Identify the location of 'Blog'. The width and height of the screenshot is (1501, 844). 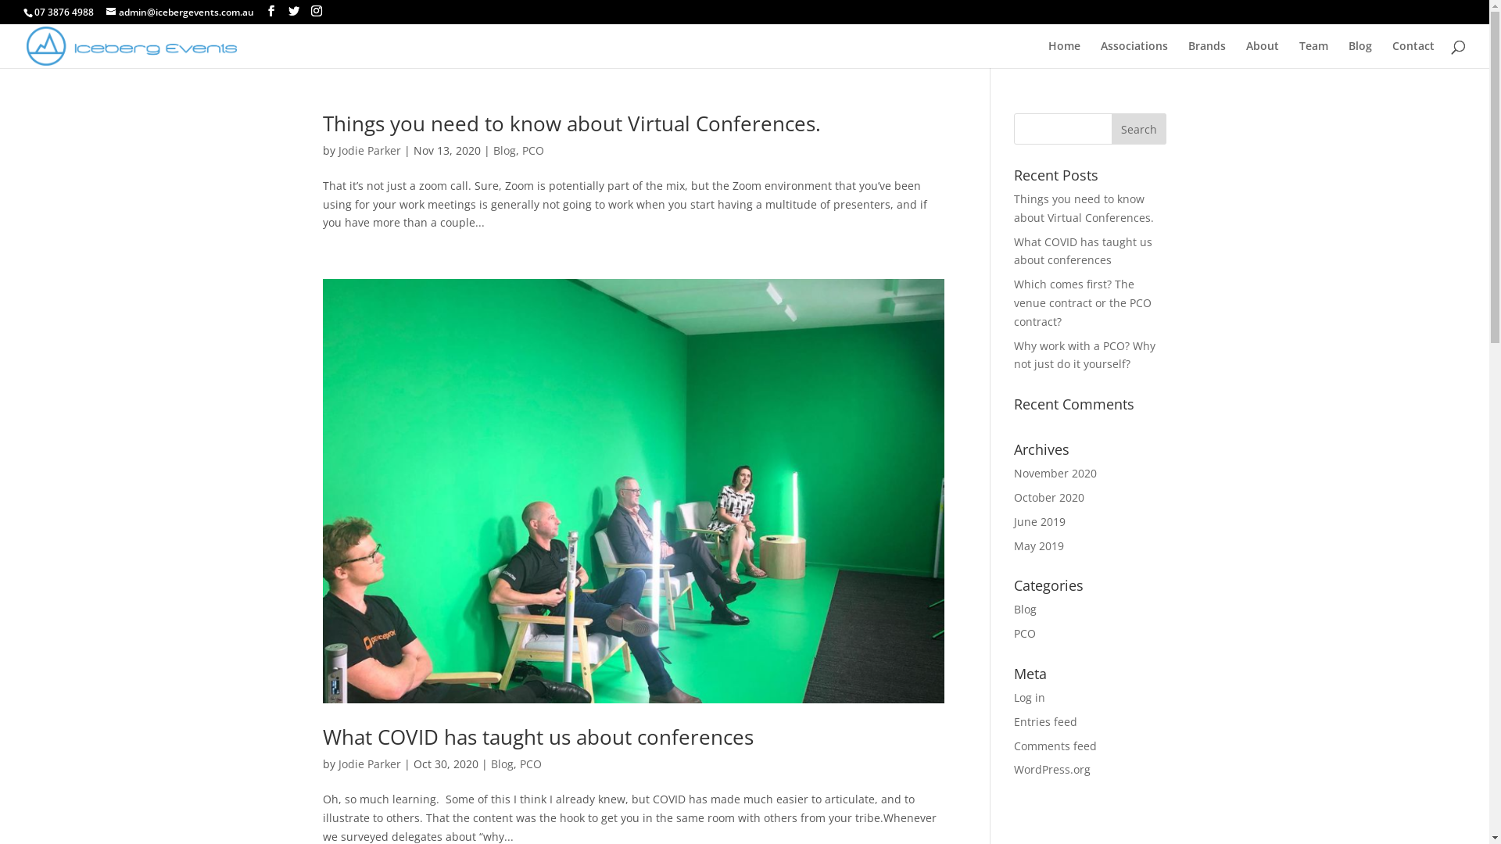
(1025, 608).